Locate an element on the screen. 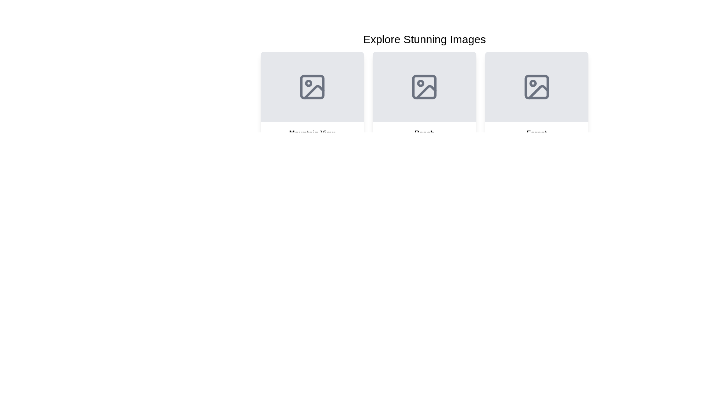 The width and height of the screenshot is (703, 395). the Decorative SVG element in the shape of a rounded rectangle, which serves as a decorative component within the image icon in the second card of the horizontal gallery layout is located at coordinates (424, 87).